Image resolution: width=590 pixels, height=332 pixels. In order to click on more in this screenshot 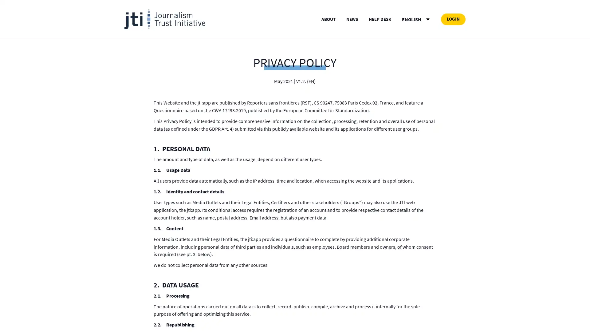, I will do `click(251, 172)`.